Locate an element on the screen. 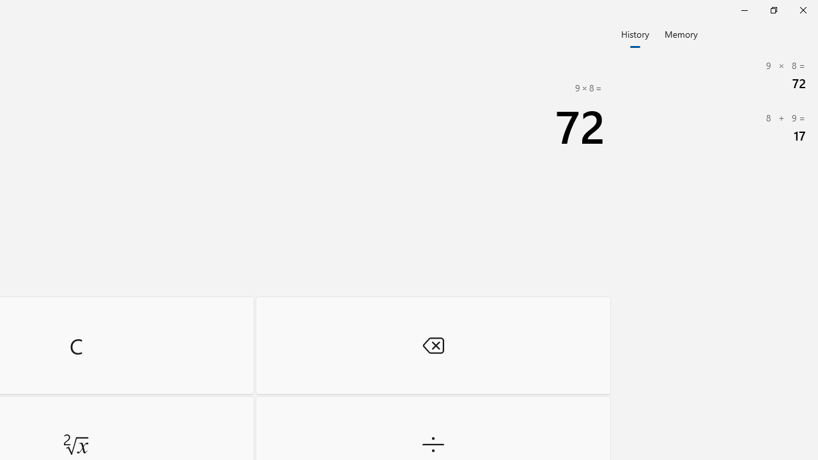 This screenshot has width=818, height=460. 'Backspace' is located at coordinates (433, 345).